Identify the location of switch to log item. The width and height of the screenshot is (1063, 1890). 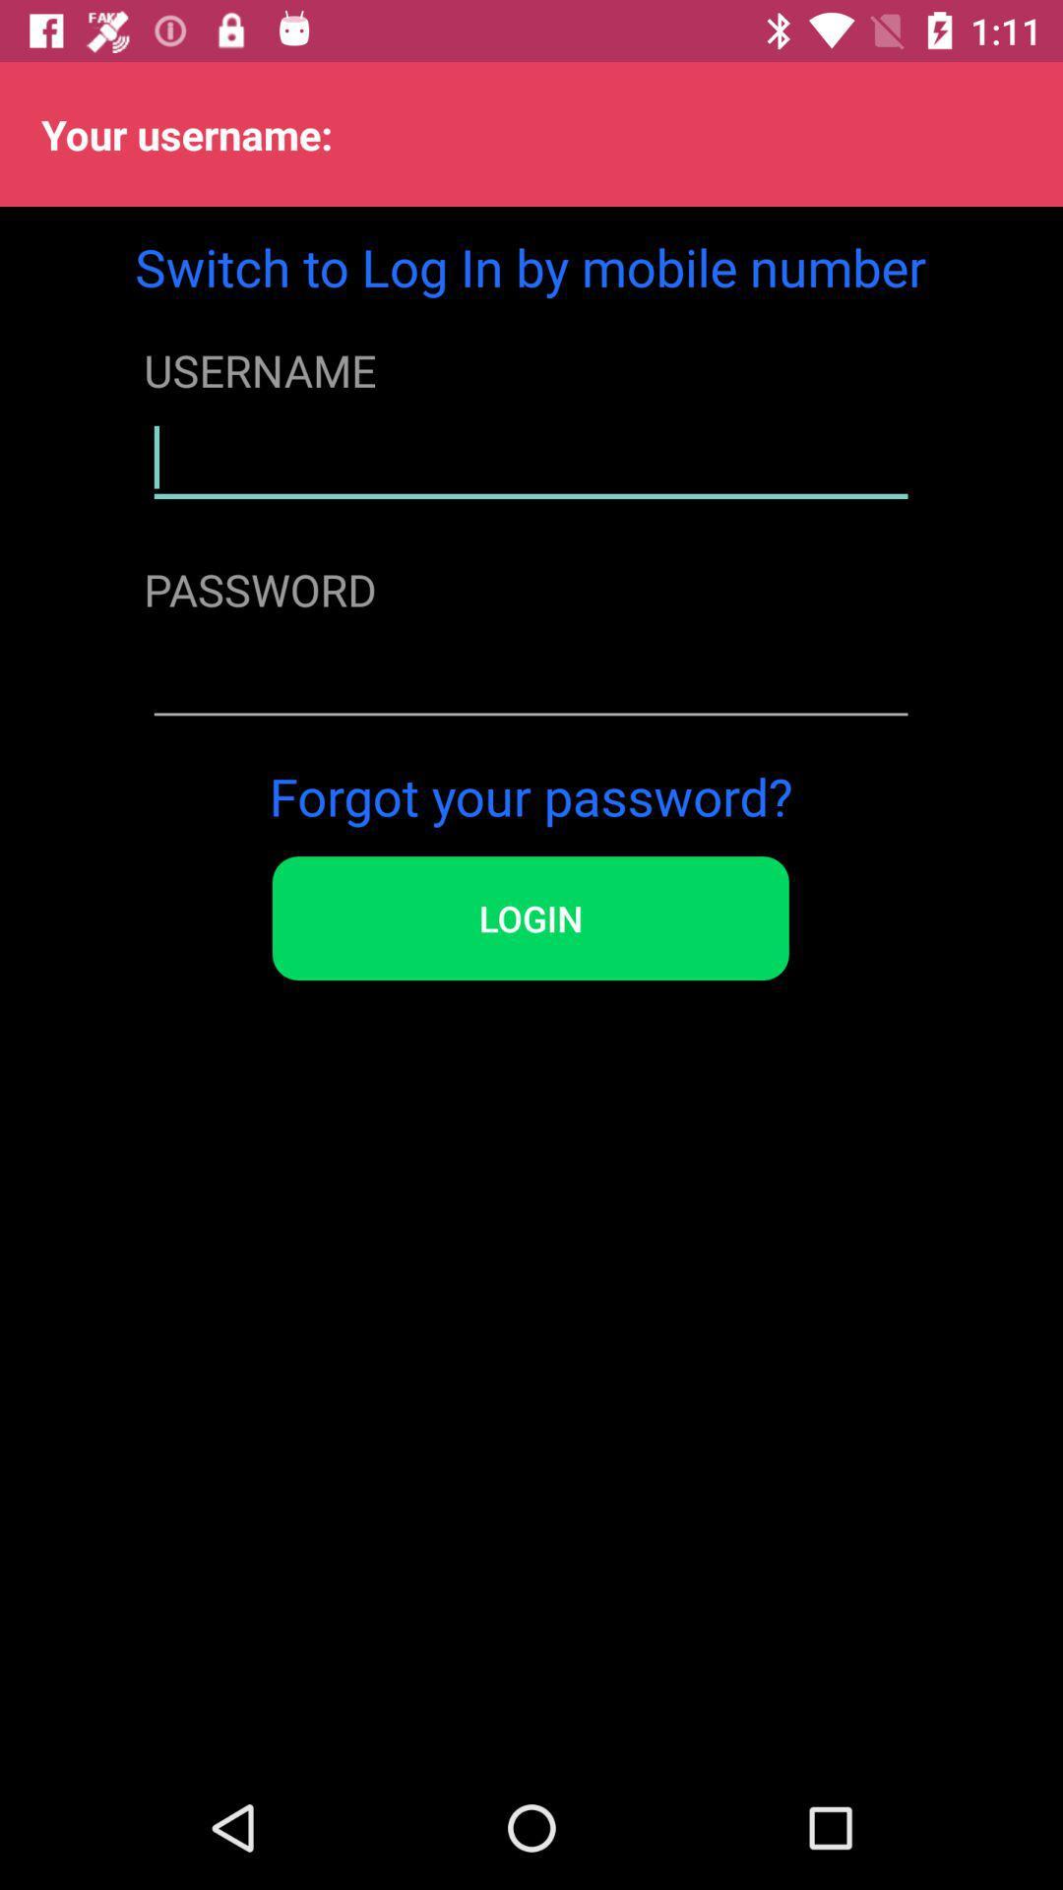
(530, 266).